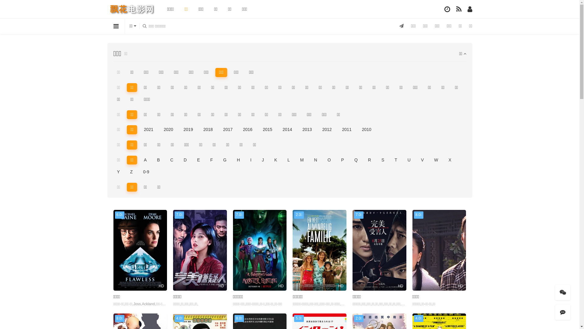 The height and width of the screenshot is (329, 584). Describe the element at coordinates (139, 172) in the screenshot. I see `'0-9'` at that location.